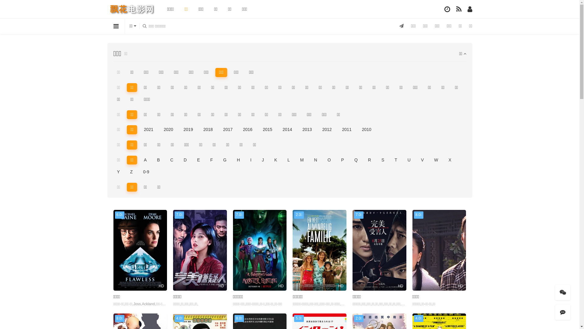 The height and width of the screenshot is (329, 584). Describe the element at coordinates (139, 172) in the screenshot. I see `'0-9'` at that location.